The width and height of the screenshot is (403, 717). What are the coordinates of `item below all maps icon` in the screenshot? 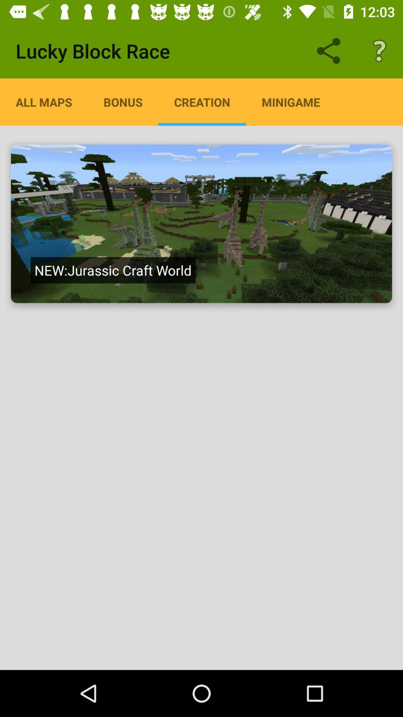 It's located at (113, 270).